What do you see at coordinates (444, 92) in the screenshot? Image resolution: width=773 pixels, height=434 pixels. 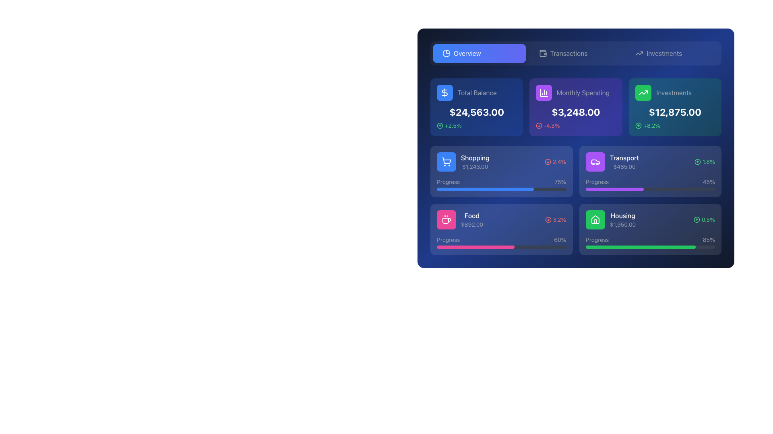 I see `the blue square icon with rounded edges containing a white dollar sign, located within the 'Total Balance' component` at bounding box center [444, 92].